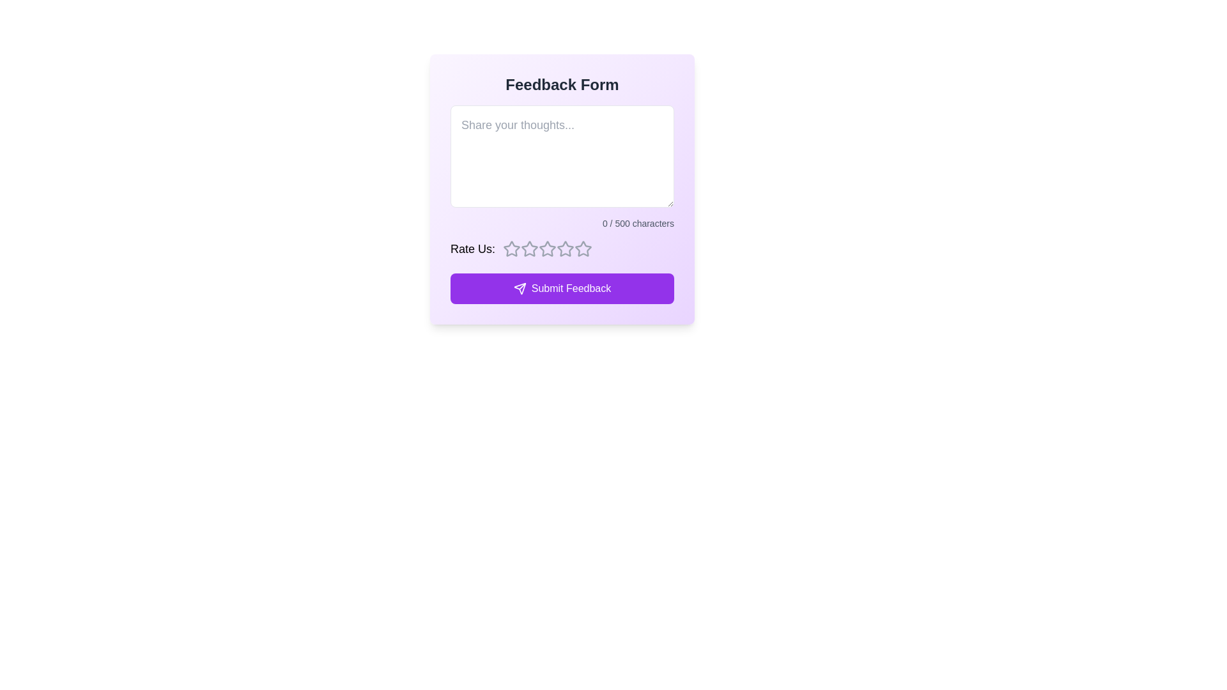 This screenshot has height=690, width=1227. Describe the element at coordinates (582, 249) in the screenshot. I see `the fifth star-shaped icon with a gray outline, representing the last star in the rating stars under 'Rate Us:'` at that location.